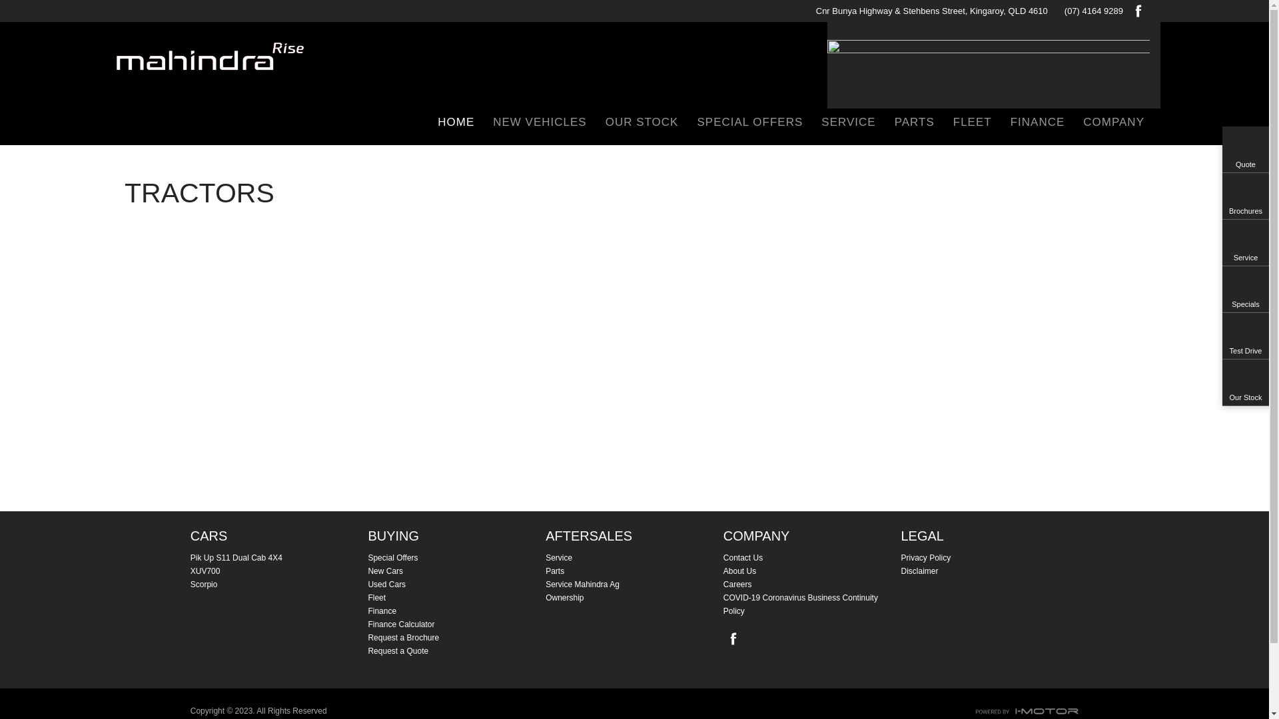 The image size is (1279, 719). What do you see at coordinates (913, 123) in the screenshot?
I see `'PARTS'` at bounding box center [913, 123].